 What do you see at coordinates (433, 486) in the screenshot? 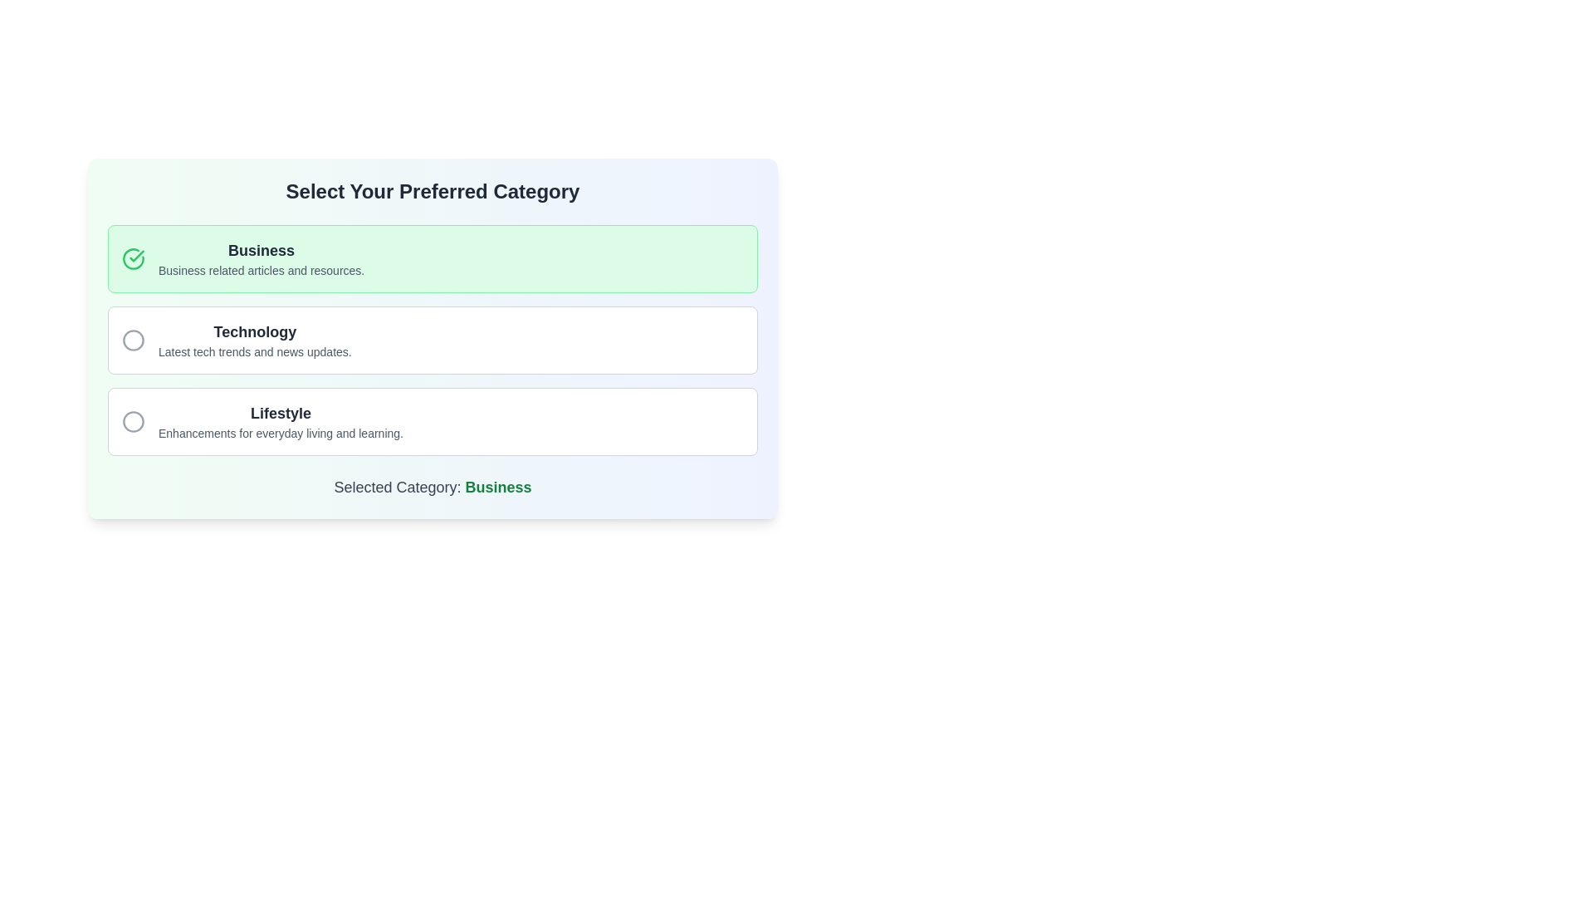
I see `displayed category from the static text label that says 'Selected Category: Business' in the footer area of the selection card layout` at bounding box center [433, 486].